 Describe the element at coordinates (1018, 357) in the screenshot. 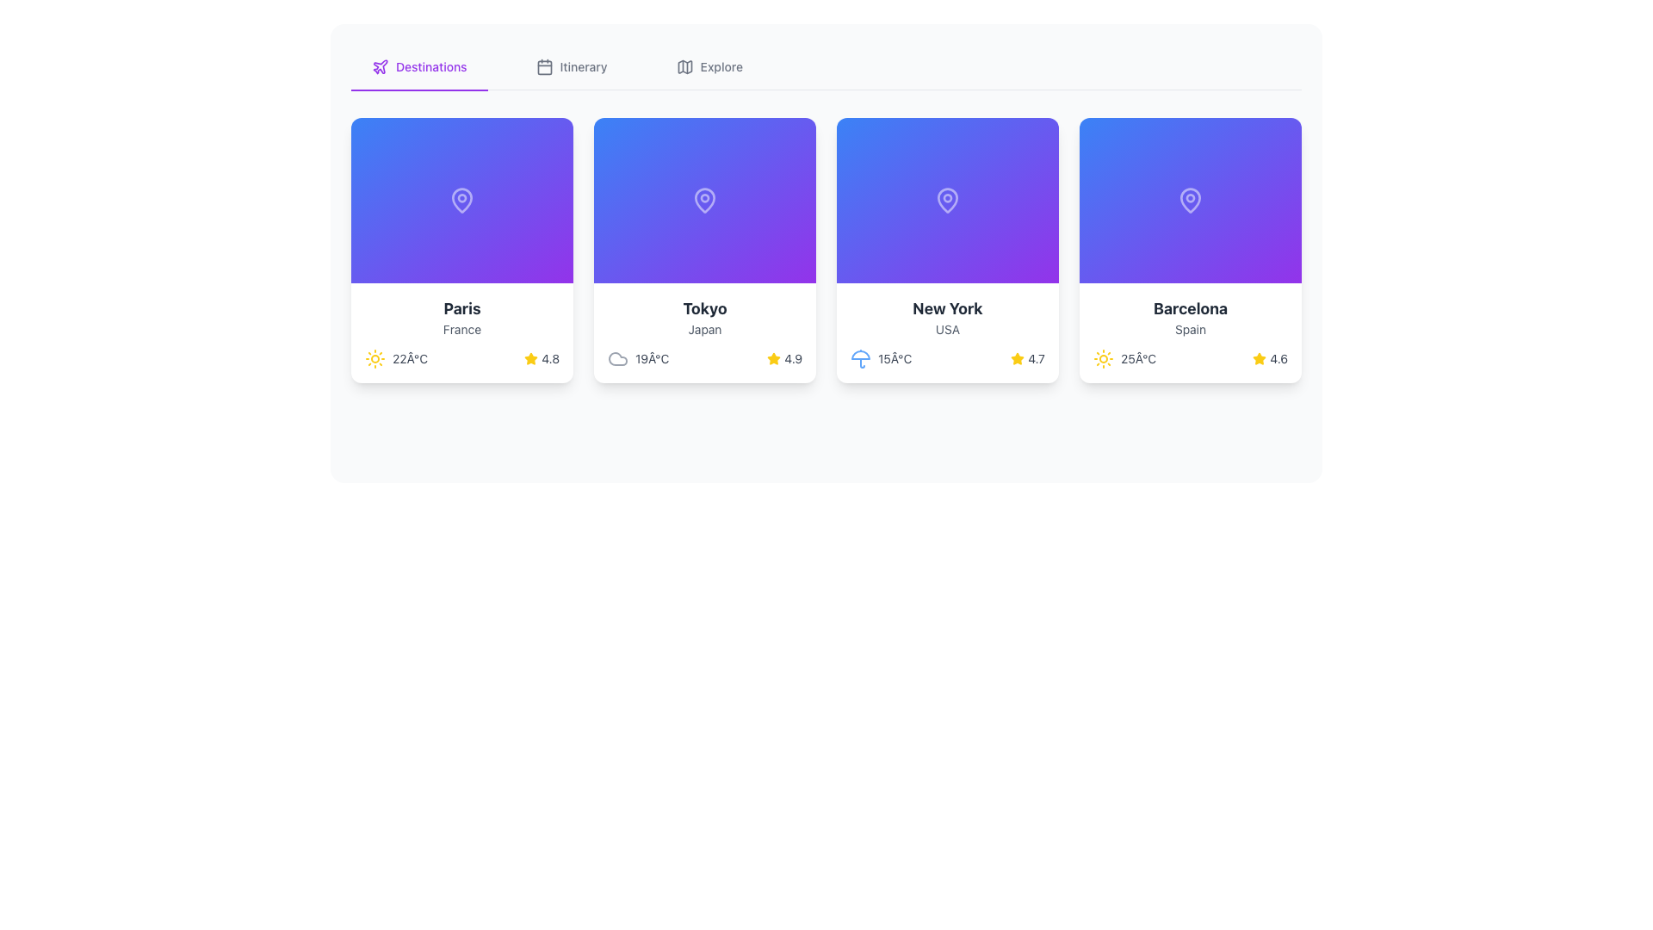

I see `the star icon representing a 4.7 rating` at that location.